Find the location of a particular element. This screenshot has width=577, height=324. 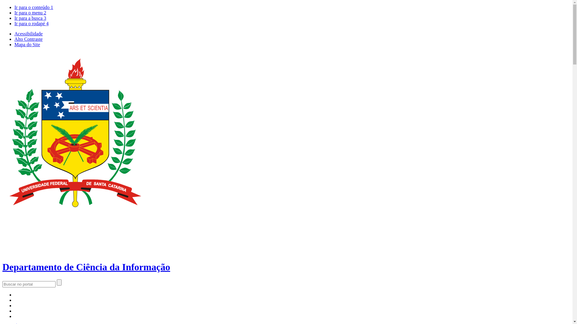

'Alto Contraste' is located at coordinates (28, 39).